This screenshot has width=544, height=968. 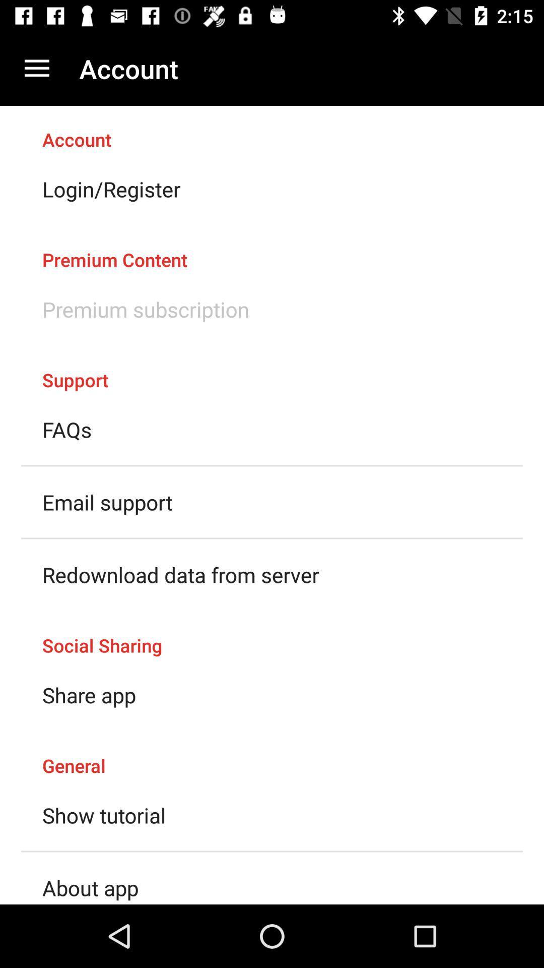 I want to click on the item above general, so click(x=89, y=694).